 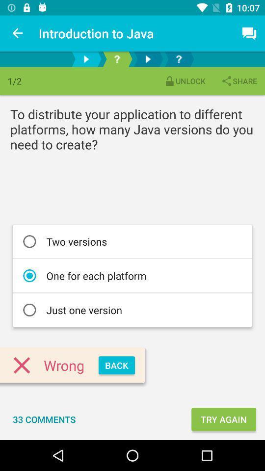 I want to click on the play icon, so click(x=86, y=59).